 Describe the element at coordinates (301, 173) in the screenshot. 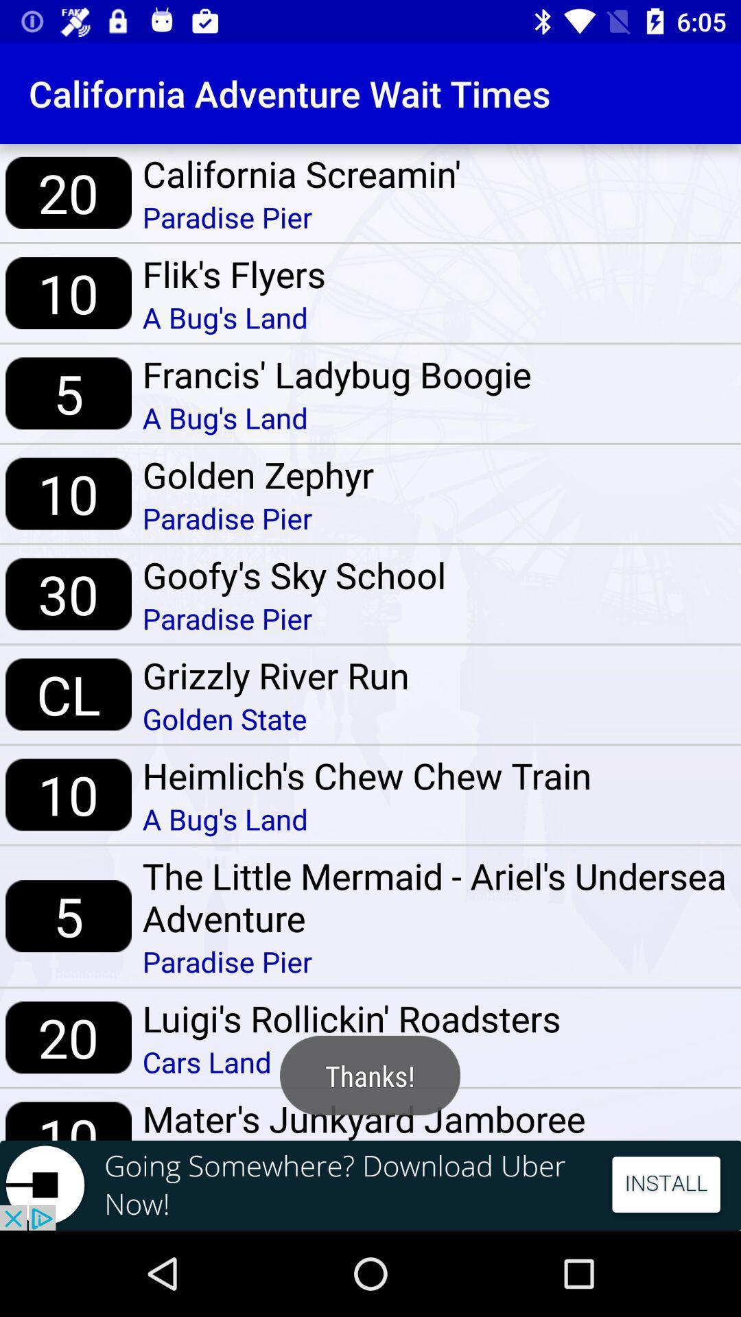

I see `item above the paradise pier` at that location.